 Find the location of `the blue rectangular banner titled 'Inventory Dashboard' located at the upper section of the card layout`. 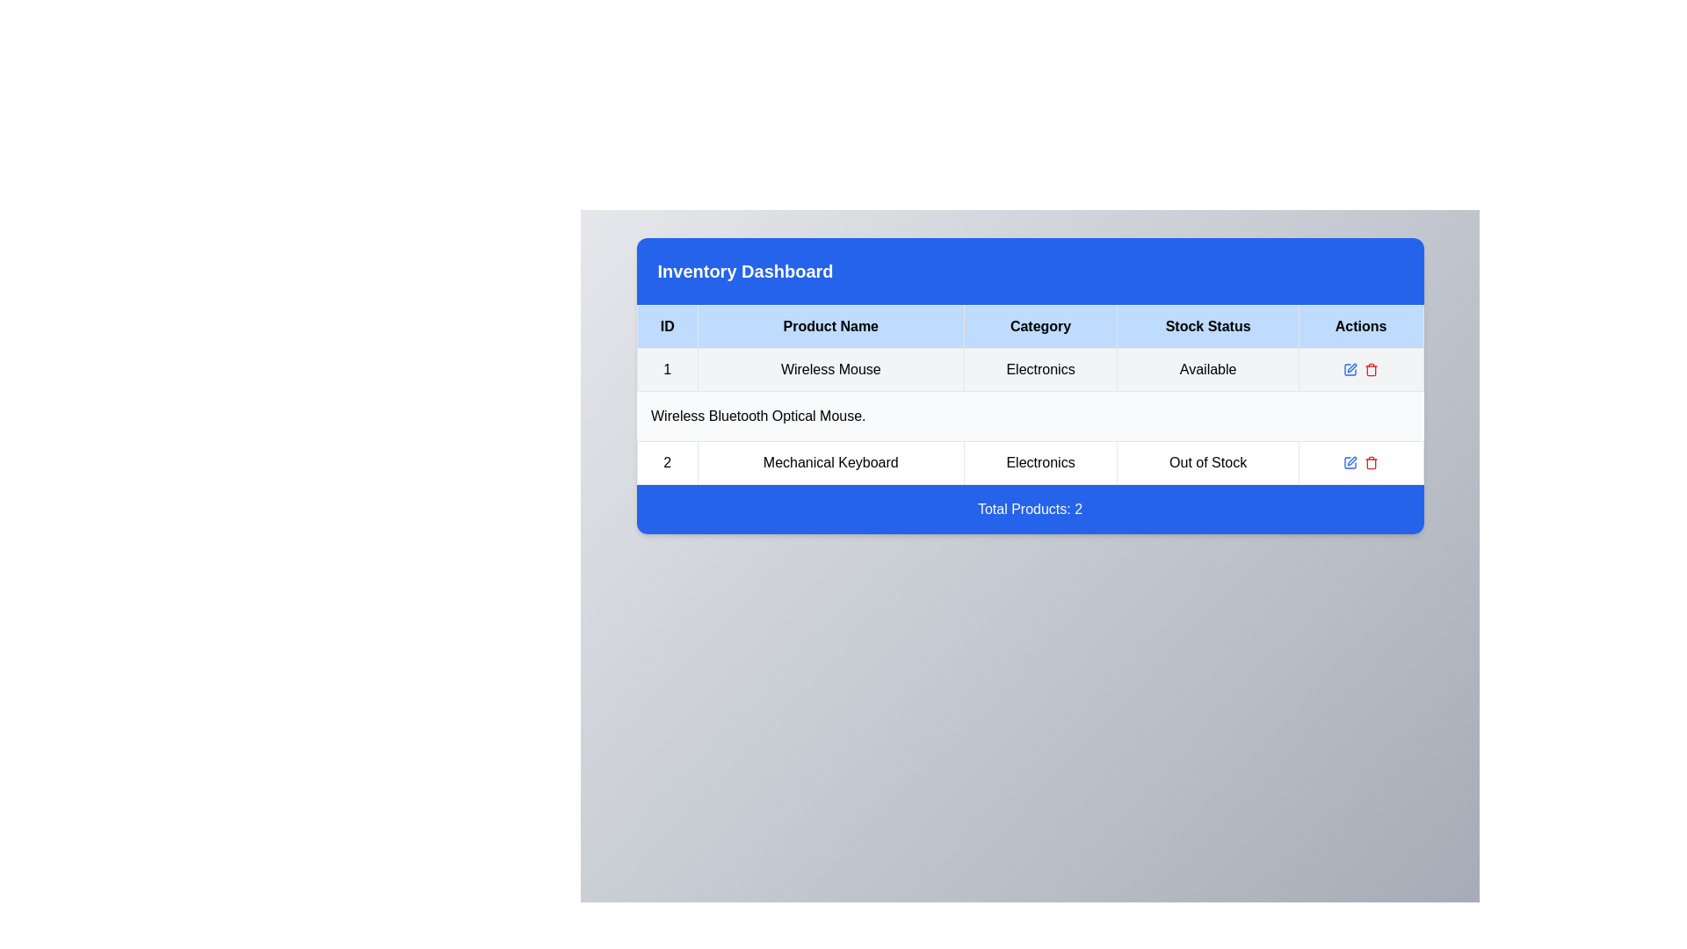

the blue rectangular banner titled 'Inventory Dashboard' located at the upper section of the card layout is located at coordinates (1030, 271).